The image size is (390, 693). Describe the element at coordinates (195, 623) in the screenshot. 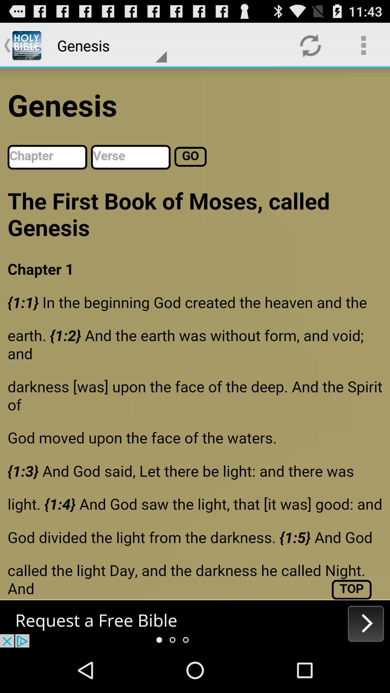

I see `open selected item` at that location.